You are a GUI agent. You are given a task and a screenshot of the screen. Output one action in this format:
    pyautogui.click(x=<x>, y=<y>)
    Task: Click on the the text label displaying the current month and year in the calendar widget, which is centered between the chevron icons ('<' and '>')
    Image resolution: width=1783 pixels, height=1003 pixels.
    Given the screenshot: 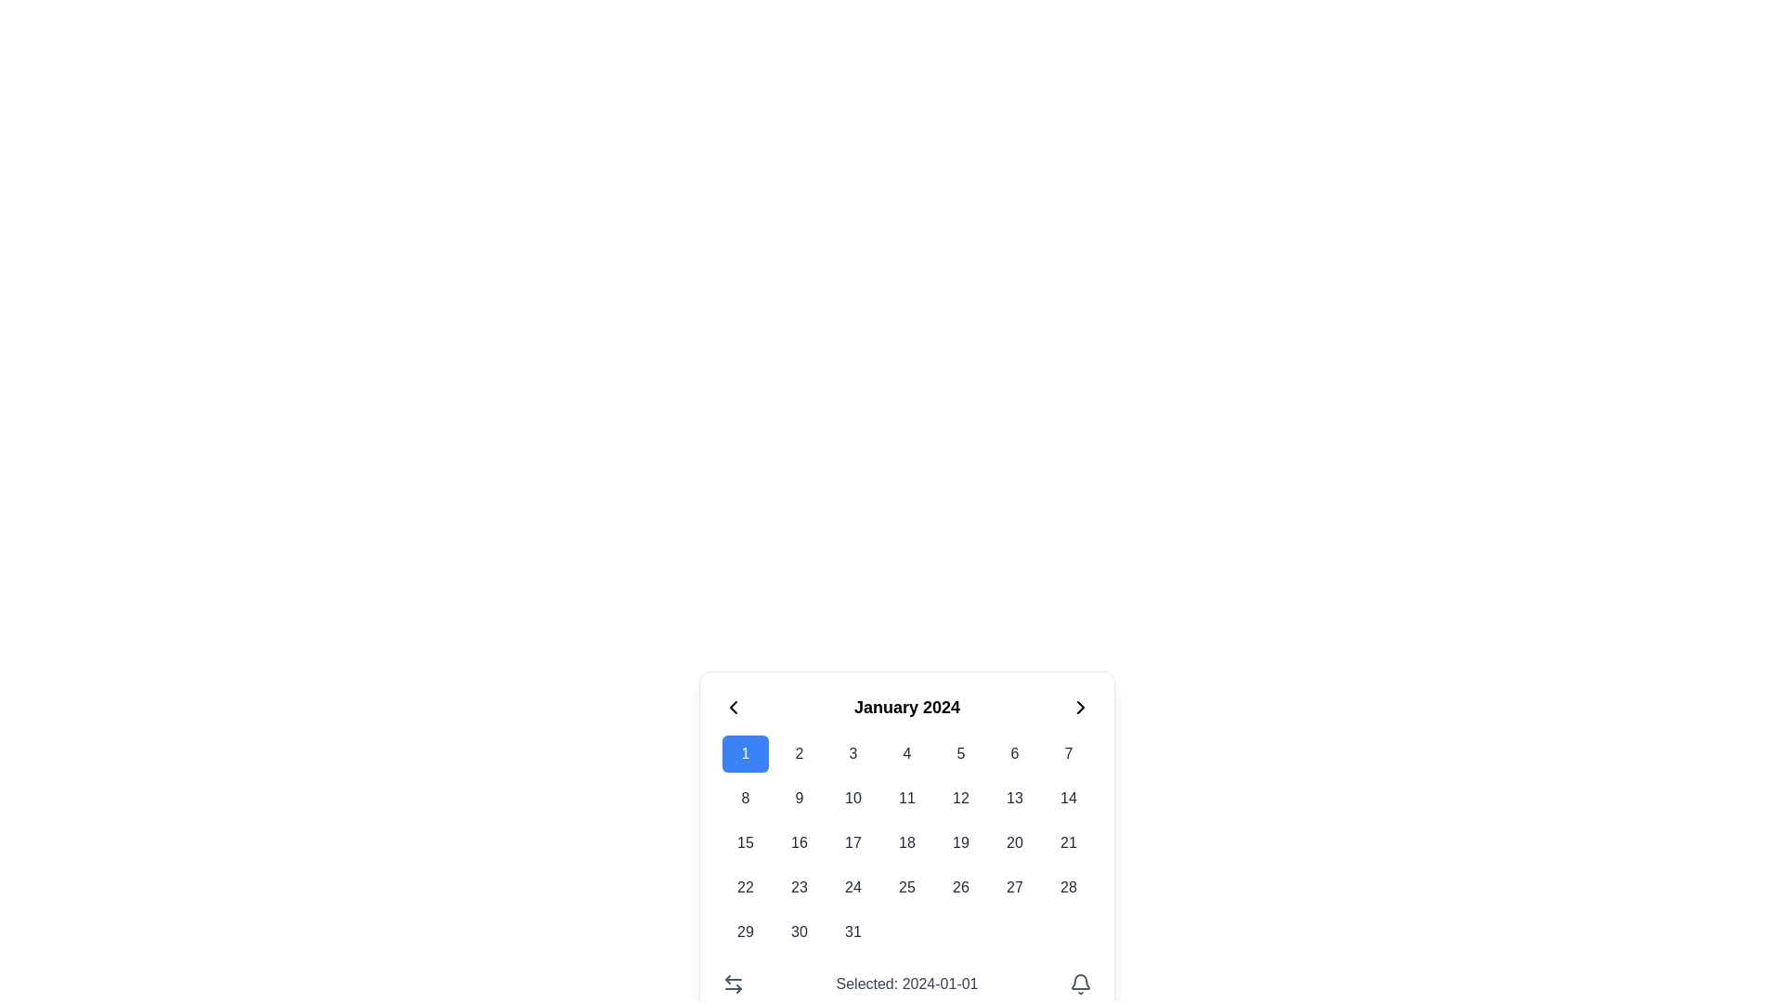 What is the action you would take?
    pyautogui.click(x=907, y=708)
    